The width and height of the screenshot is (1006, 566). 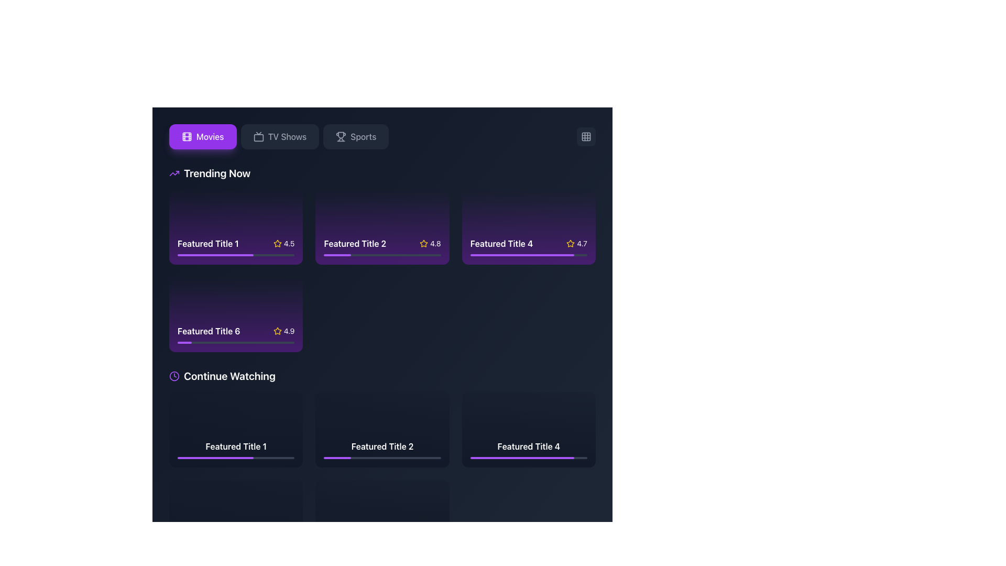 What do you see at coordinates (210, 136) in the screenshot?
I see `text content of the 'Movies' label within the highlighted button group, which features a purple background and is styled with bold typography` at bounding box center [210, 136].